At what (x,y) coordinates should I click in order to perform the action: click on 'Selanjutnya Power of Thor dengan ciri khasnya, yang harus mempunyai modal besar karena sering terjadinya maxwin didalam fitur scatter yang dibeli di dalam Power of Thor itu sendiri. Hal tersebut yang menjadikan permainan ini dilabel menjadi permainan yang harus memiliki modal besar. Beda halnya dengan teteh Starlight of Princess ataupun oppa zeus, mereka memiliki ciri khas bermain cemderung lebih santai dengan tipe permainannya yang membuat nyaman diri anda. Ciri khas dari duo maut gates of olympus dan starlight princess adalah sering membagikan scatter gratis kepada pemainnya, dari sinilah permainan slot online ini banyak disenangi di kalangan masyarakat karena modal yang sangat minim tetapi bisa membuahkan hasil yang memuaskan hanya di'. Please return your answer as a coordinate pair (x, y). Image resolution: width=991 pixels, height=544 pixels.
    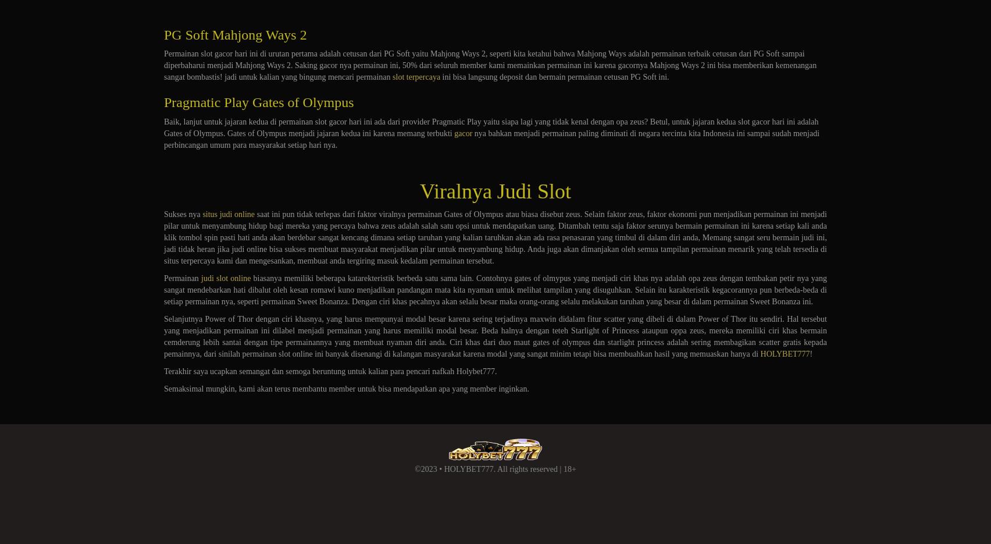
    Looking at the image, I should click on (495, 336).